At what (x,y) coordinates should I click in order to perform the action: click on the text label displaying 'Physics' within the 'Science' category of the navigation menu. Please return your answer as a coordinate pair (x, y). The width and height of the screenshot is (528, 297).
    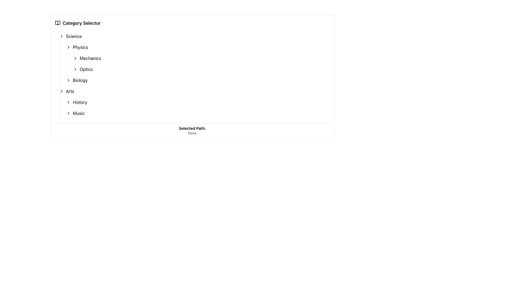
    Looking at the image, I should click on (80, 47).